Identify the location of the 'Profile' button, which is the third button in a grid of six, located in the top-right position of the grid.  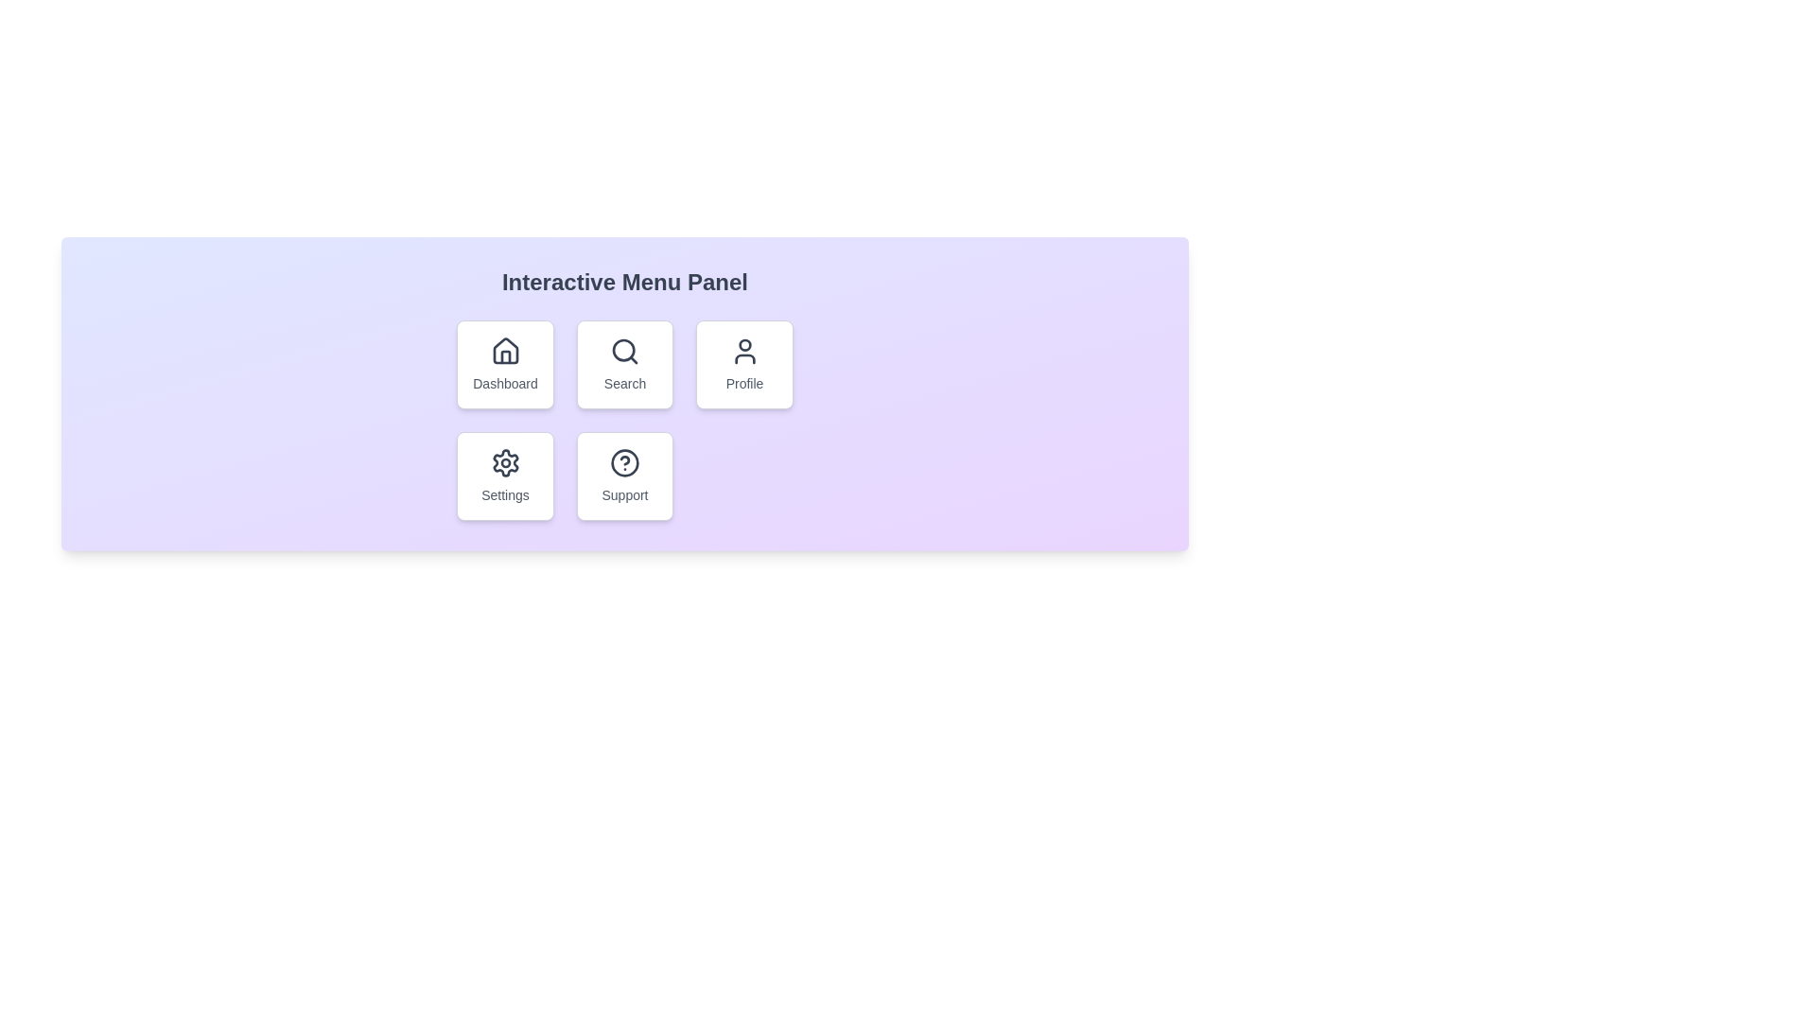
(743, 364).